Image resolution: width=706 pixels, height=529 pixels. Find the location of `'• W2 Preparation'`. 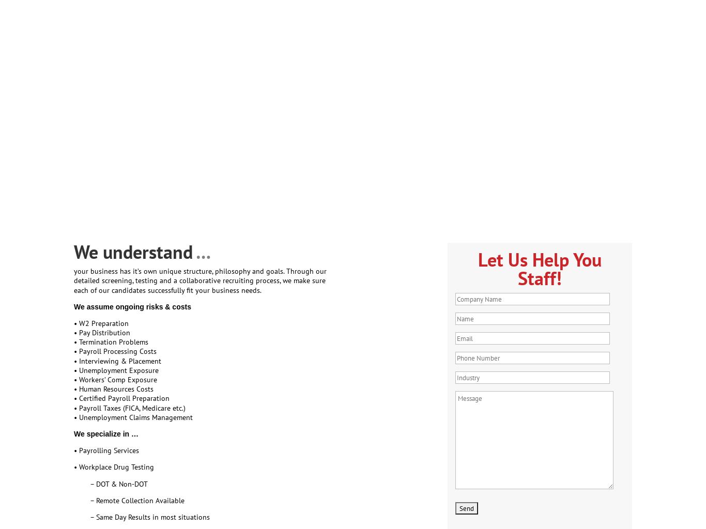

'• W2 Preparation' is located at coordinates (101, 323).